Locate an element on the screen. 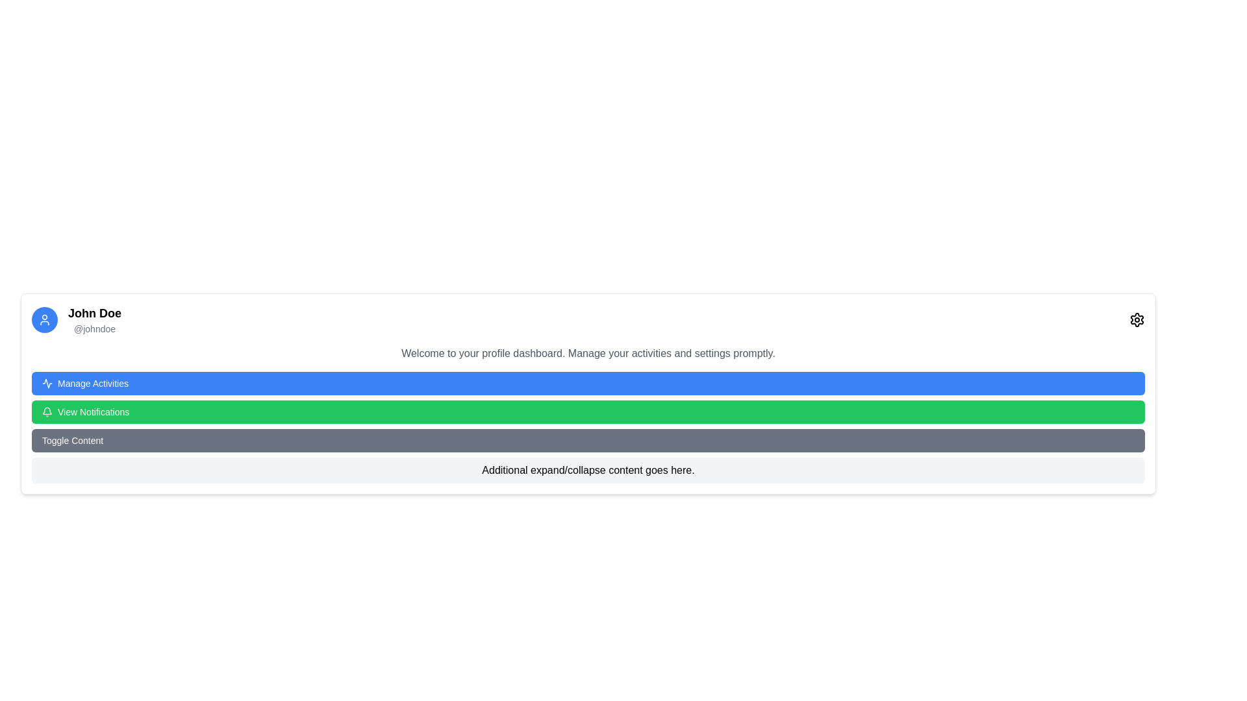 Image resolution: width=1247 pixels, height=701 pixels. the user silhouette icon with a blue background located in the profile section, positioned at the top-left corner, for identification purposes is located at coordinates (44, 320).